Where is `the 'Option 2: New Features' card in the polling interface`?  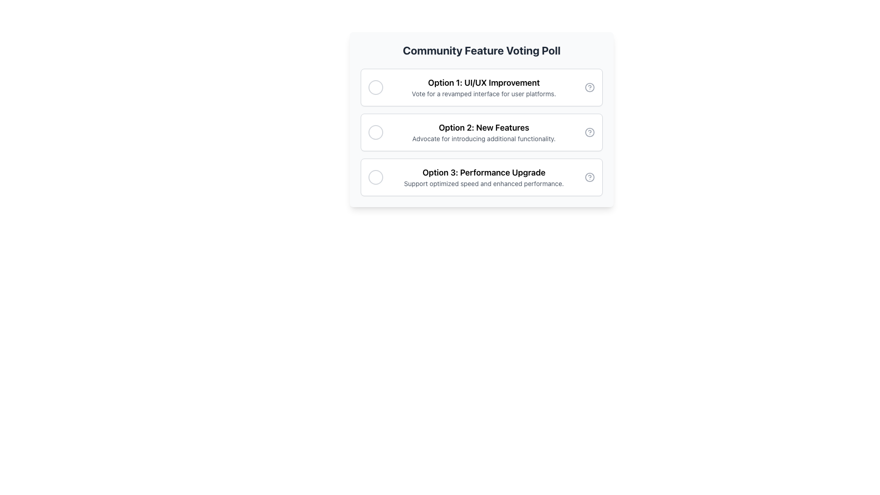 the 'Option 2: New Features' card in the polling interface is located at coordinates (481, 119).